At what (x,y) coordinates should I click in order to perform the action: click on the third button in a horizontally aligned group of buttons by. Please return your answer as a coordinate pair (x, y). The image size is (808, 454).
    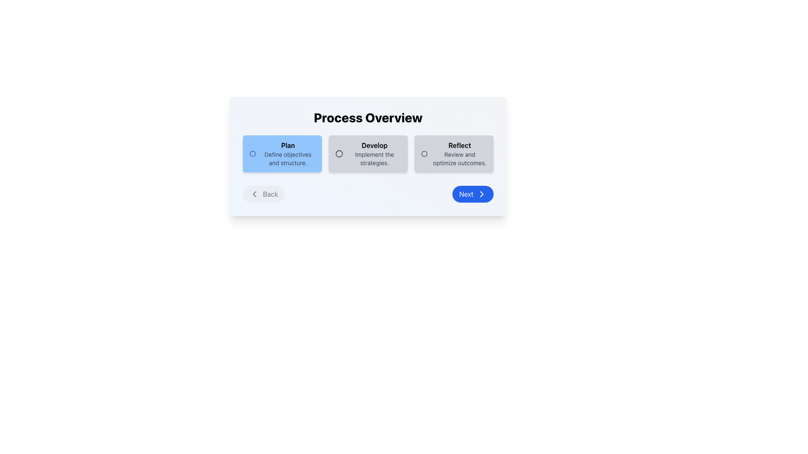
    Looking at the image, I should click on (454, 154).